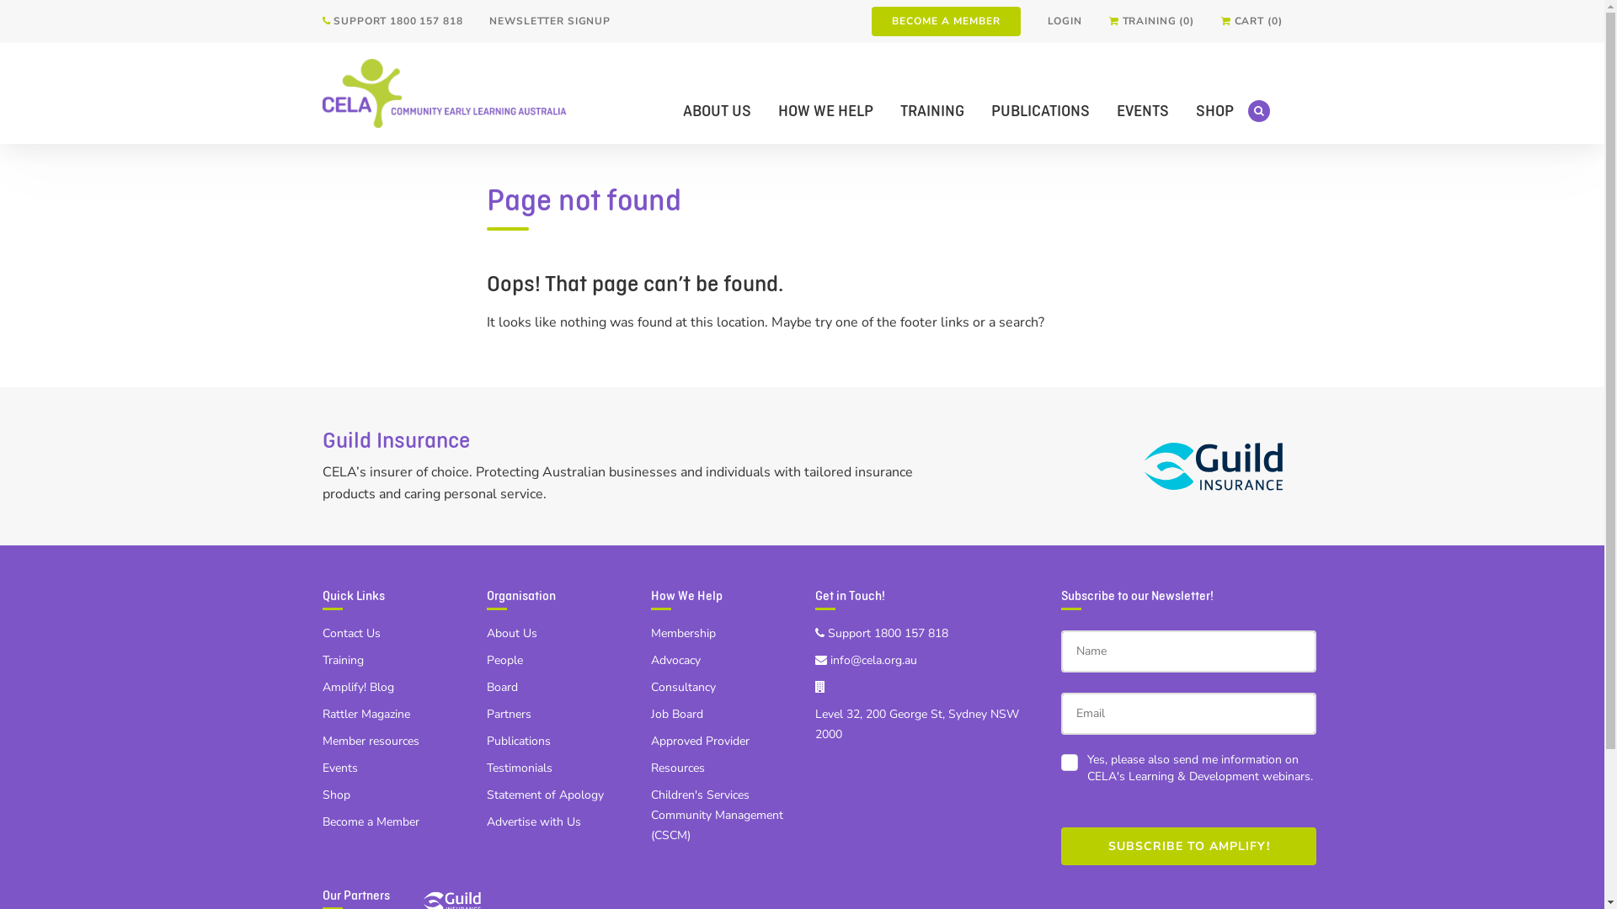  What do you see at coordinates (716, 110) in the screenshot?
I see `'ABOUT US'` at bounding box center [716, 110].